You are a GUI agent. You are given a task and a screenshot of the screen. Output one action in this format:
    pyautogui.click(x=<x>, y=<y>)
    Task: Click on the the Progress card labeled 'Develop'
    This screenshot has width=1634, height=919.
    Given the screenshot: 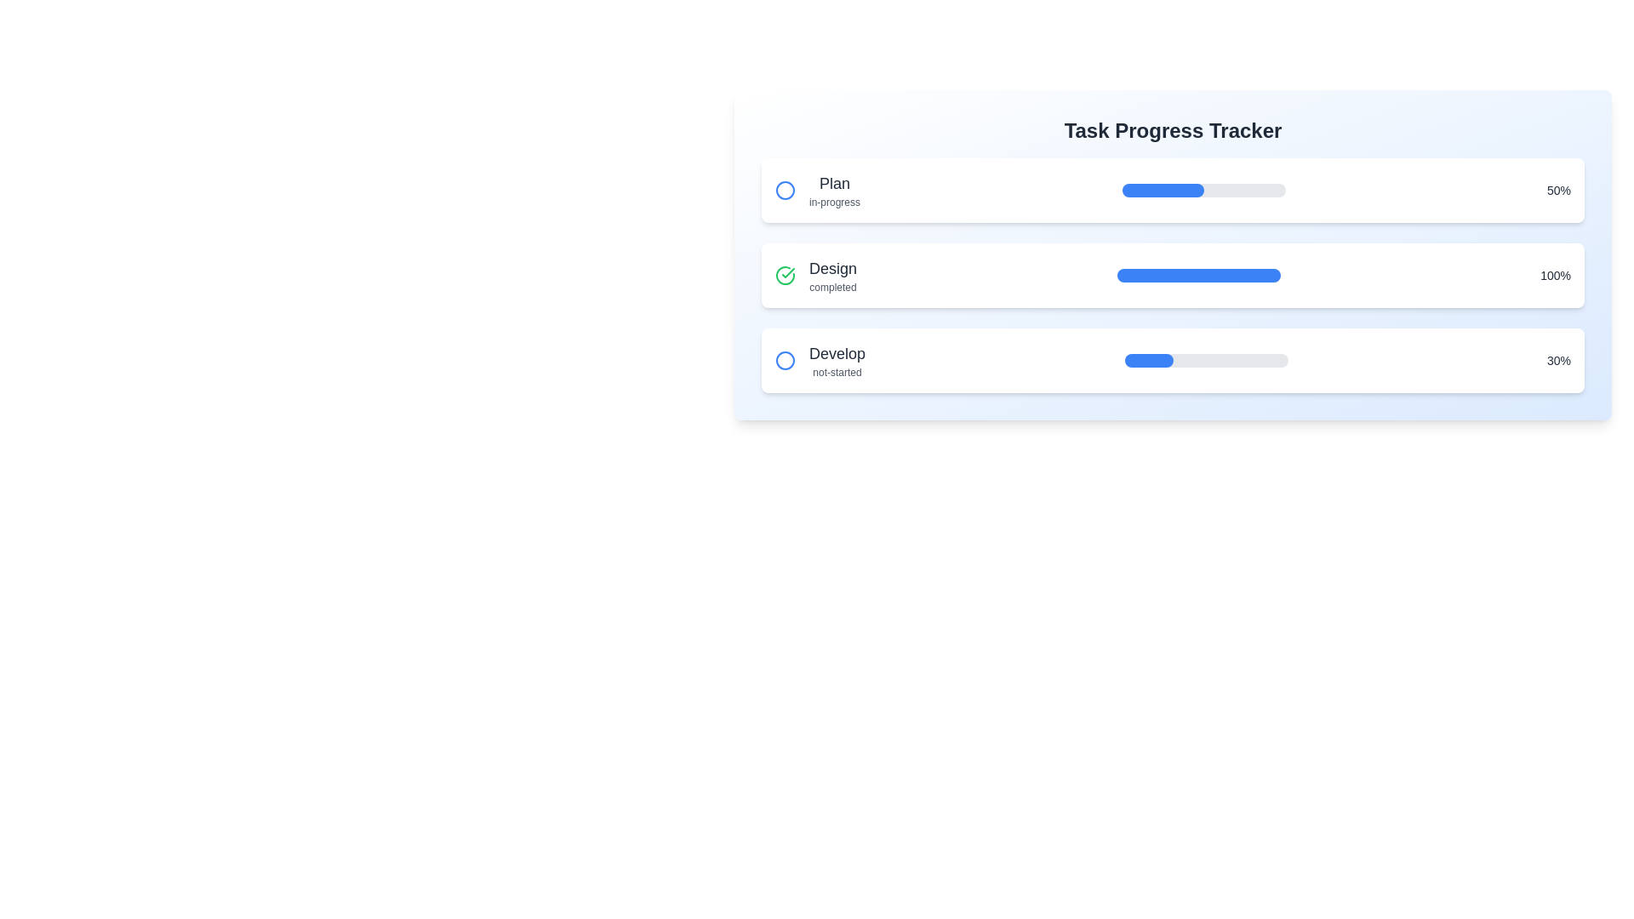 What is the action you would take?
    pyautogui.click(x=1172, y=360)
    